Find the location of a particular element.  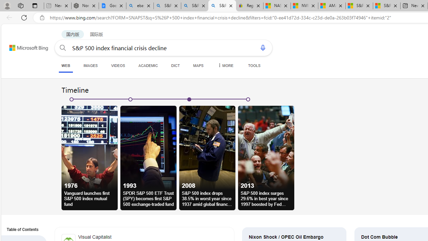

'WEB' is located at coordinates (66, 66).